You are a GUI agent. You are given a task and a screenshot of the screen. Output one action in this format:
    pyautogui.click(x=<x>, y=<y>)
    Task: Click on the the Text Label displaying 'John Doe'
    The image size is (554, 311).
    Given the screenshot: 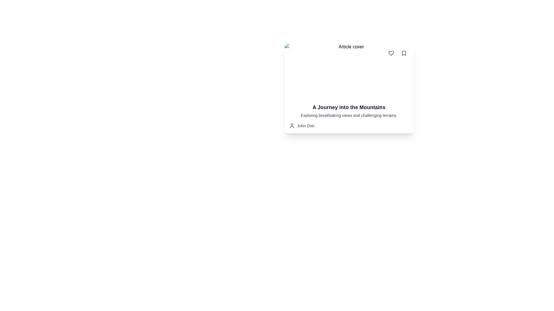 What is the action you would take?
    pyautogui.click(x=305, y=125)
    